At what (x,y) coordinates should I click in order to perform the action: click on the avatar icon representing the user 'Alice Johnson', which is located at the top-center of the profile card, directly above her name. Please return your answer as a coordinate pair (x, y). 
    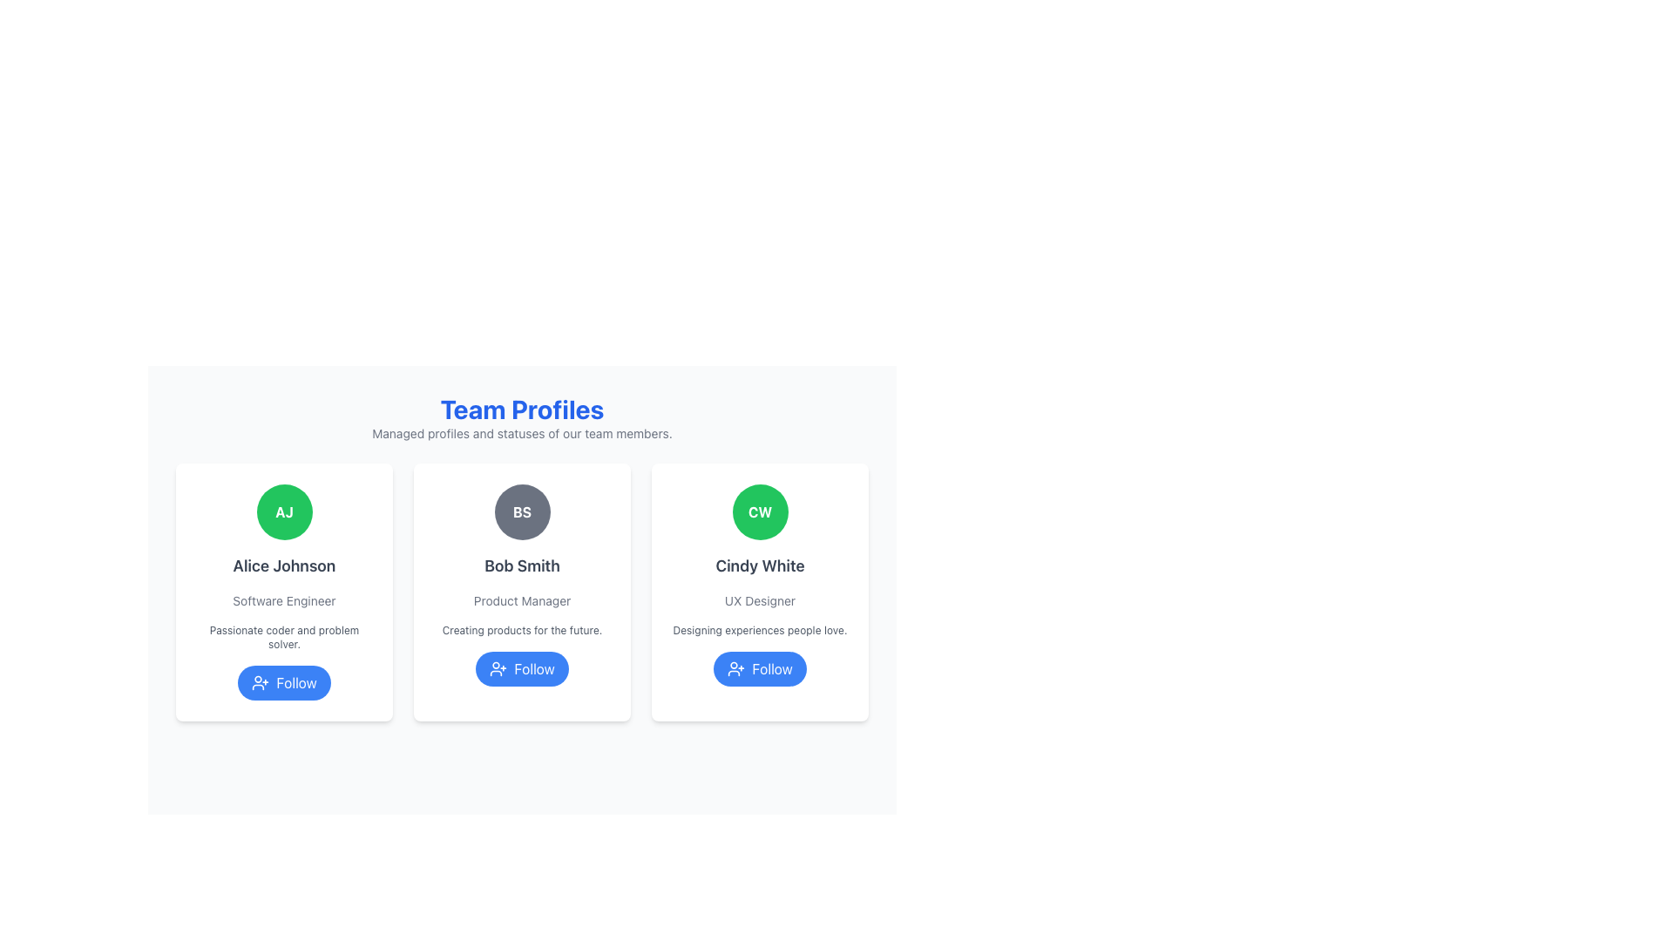
    Looking at the image, I should click on (284, 511).